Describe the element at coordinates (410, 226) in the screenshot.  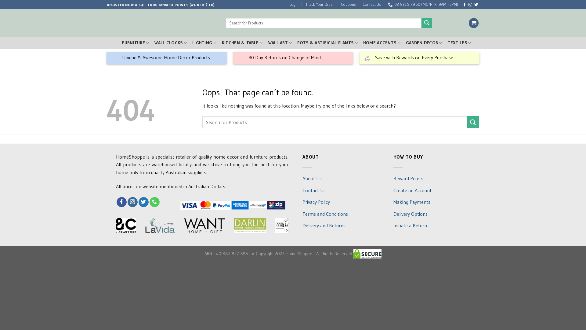
I see `'Initiate a Return'` at that location.